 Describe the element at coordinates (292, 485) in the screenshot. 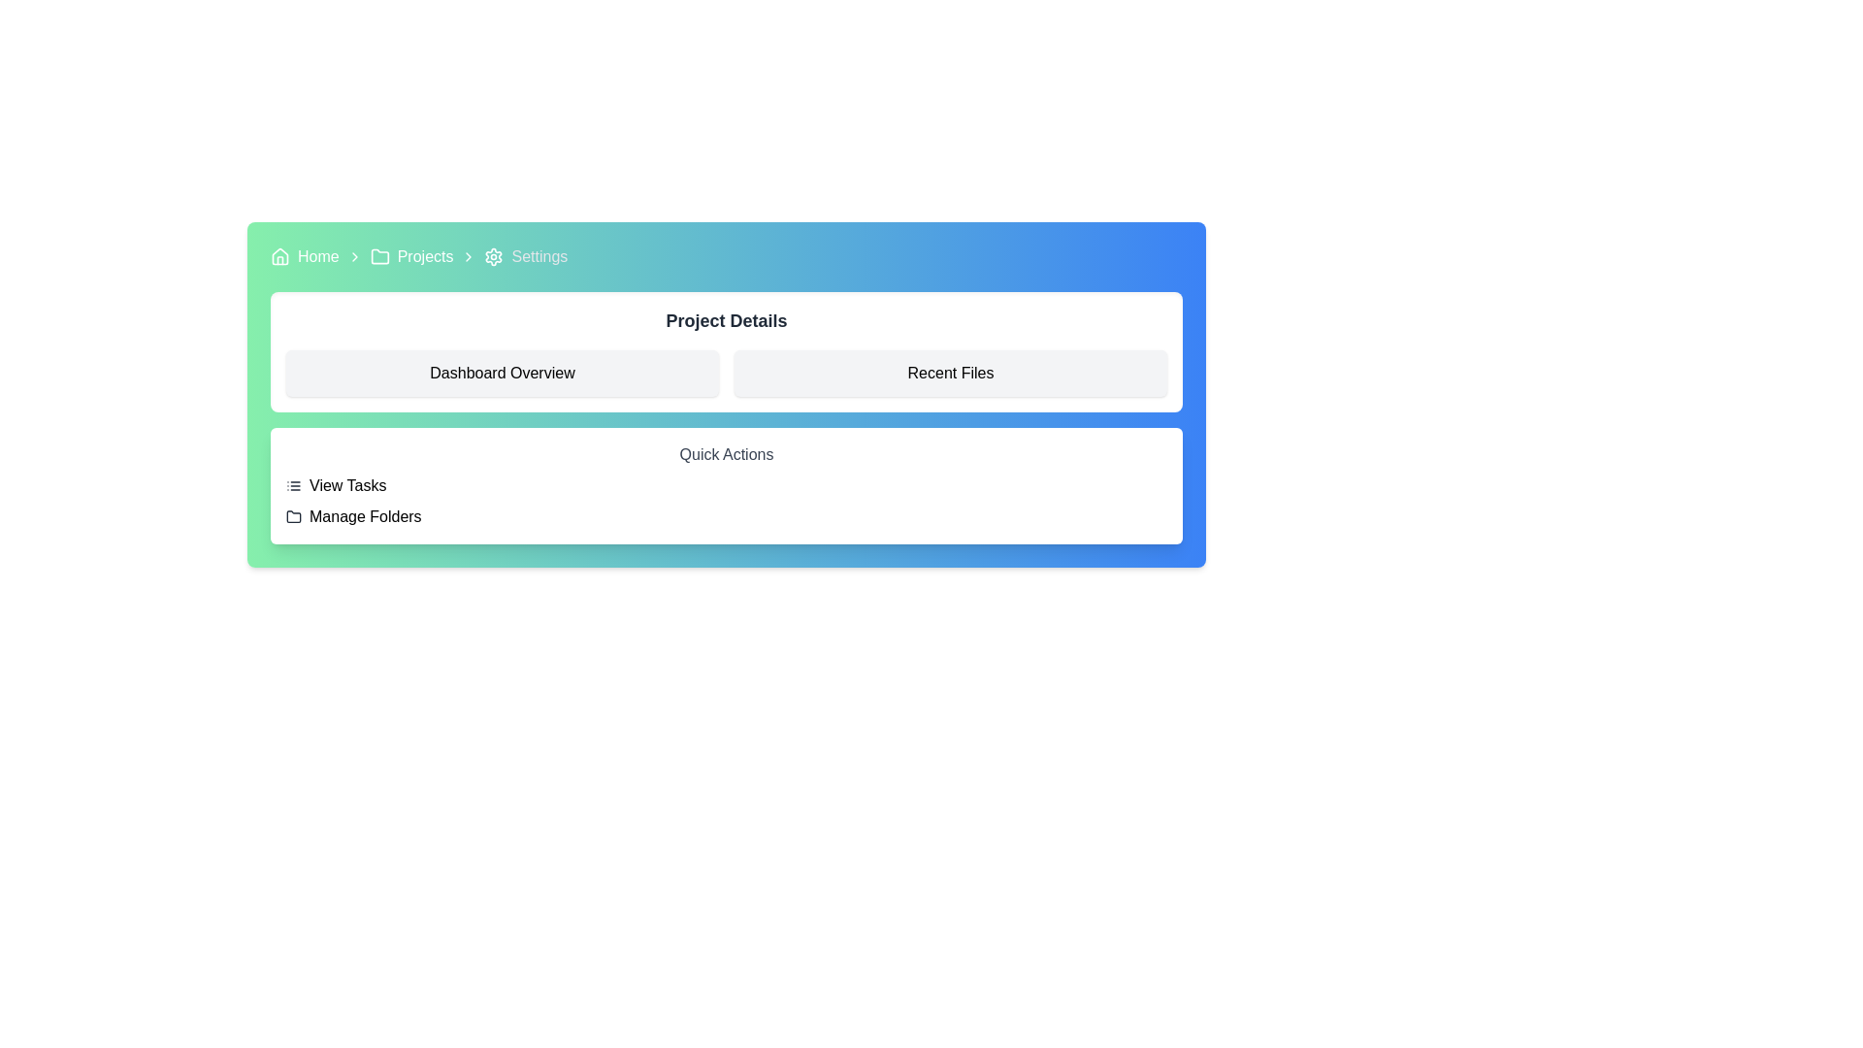

I see `the icon located to the left of the 'View Tasks' label in the 'Quick Actions' area` at that location.